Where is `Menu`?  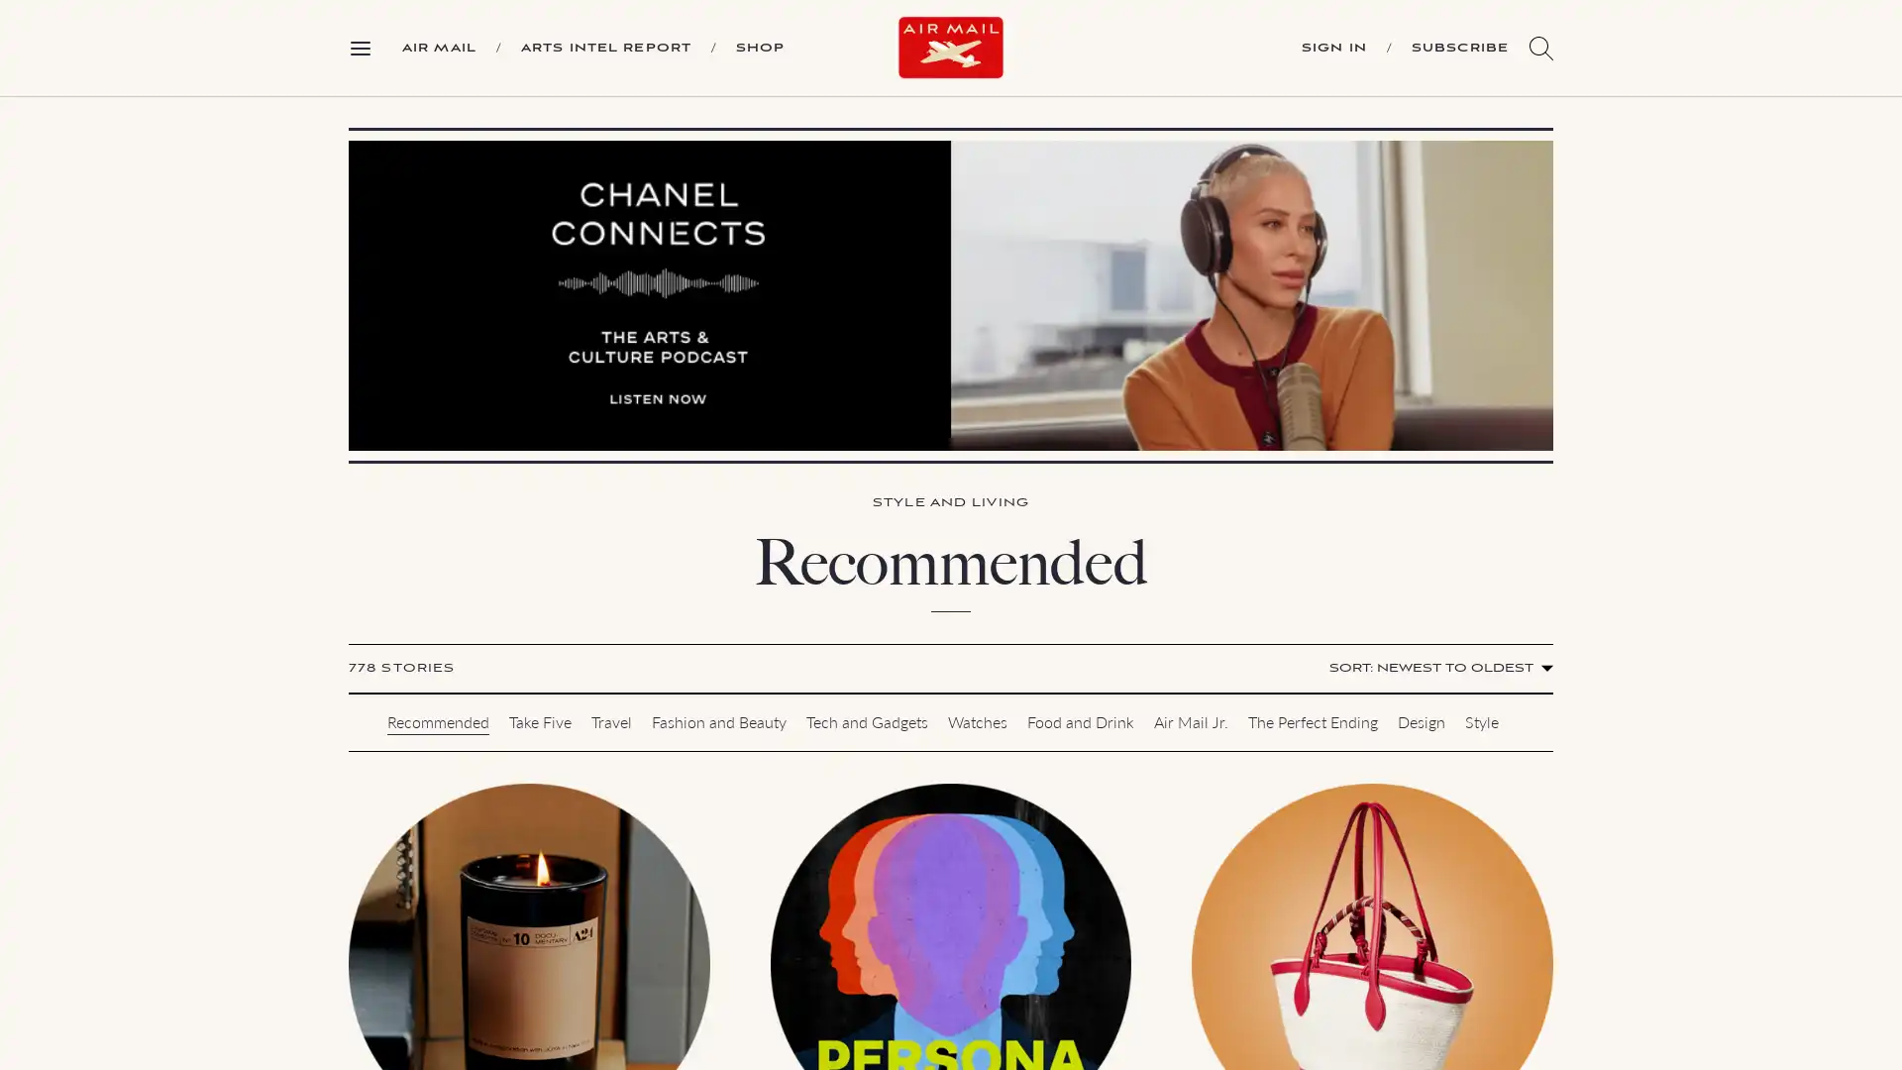 Menu is located at coordinates (368, 46).